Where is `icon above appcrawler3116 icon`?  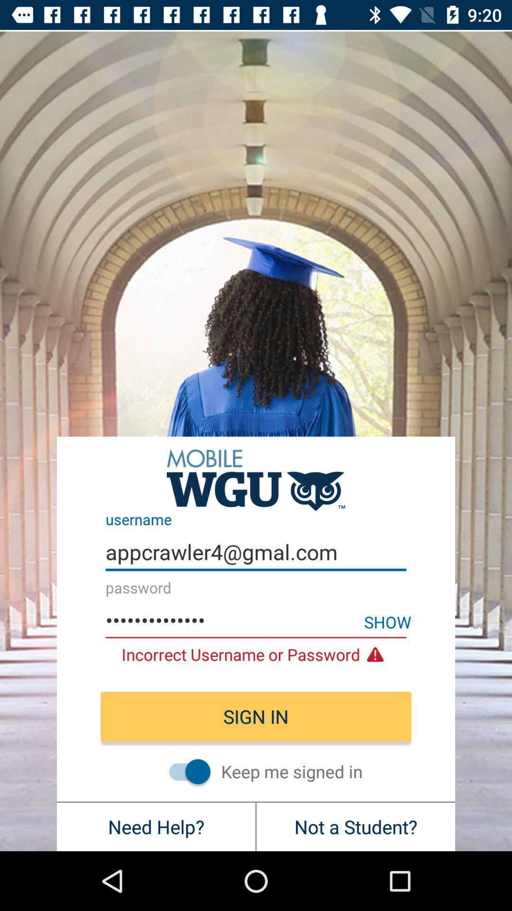
icon above appcrawler3116 icon is located at coordinates (256, 552).